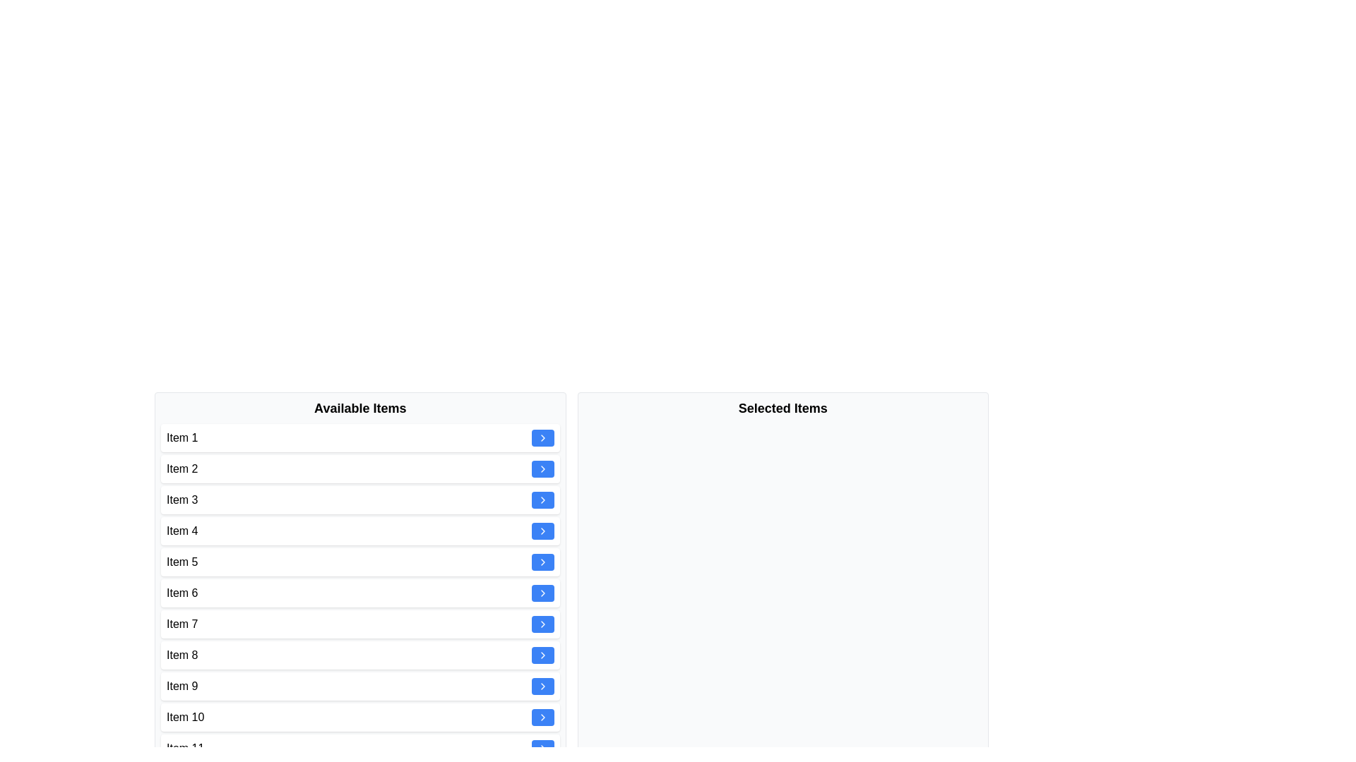 The height and width of the screenshot is (762, 1356). What do you see at coordinates (542, 437) in the screenshot?
I see `the transfer icon located inside the blue button on the far right of the row associated with 'Item 1' in the 'Available Items' panel` at bounding box center [542, 437].